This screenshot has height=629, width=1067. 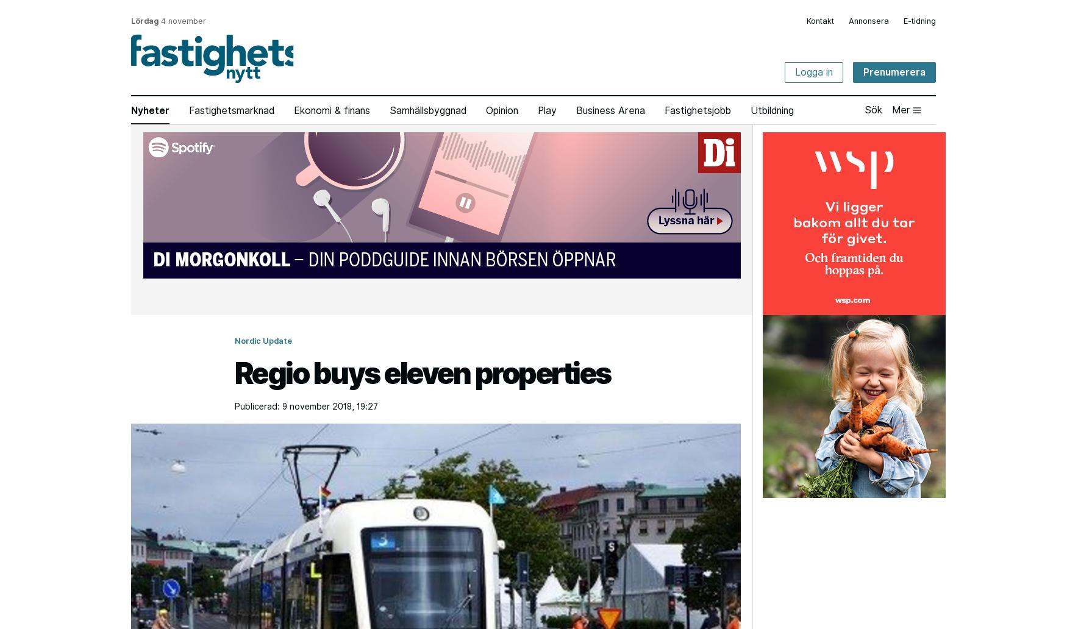 I want to click on 'Logga in', so click(x=814, y=72).